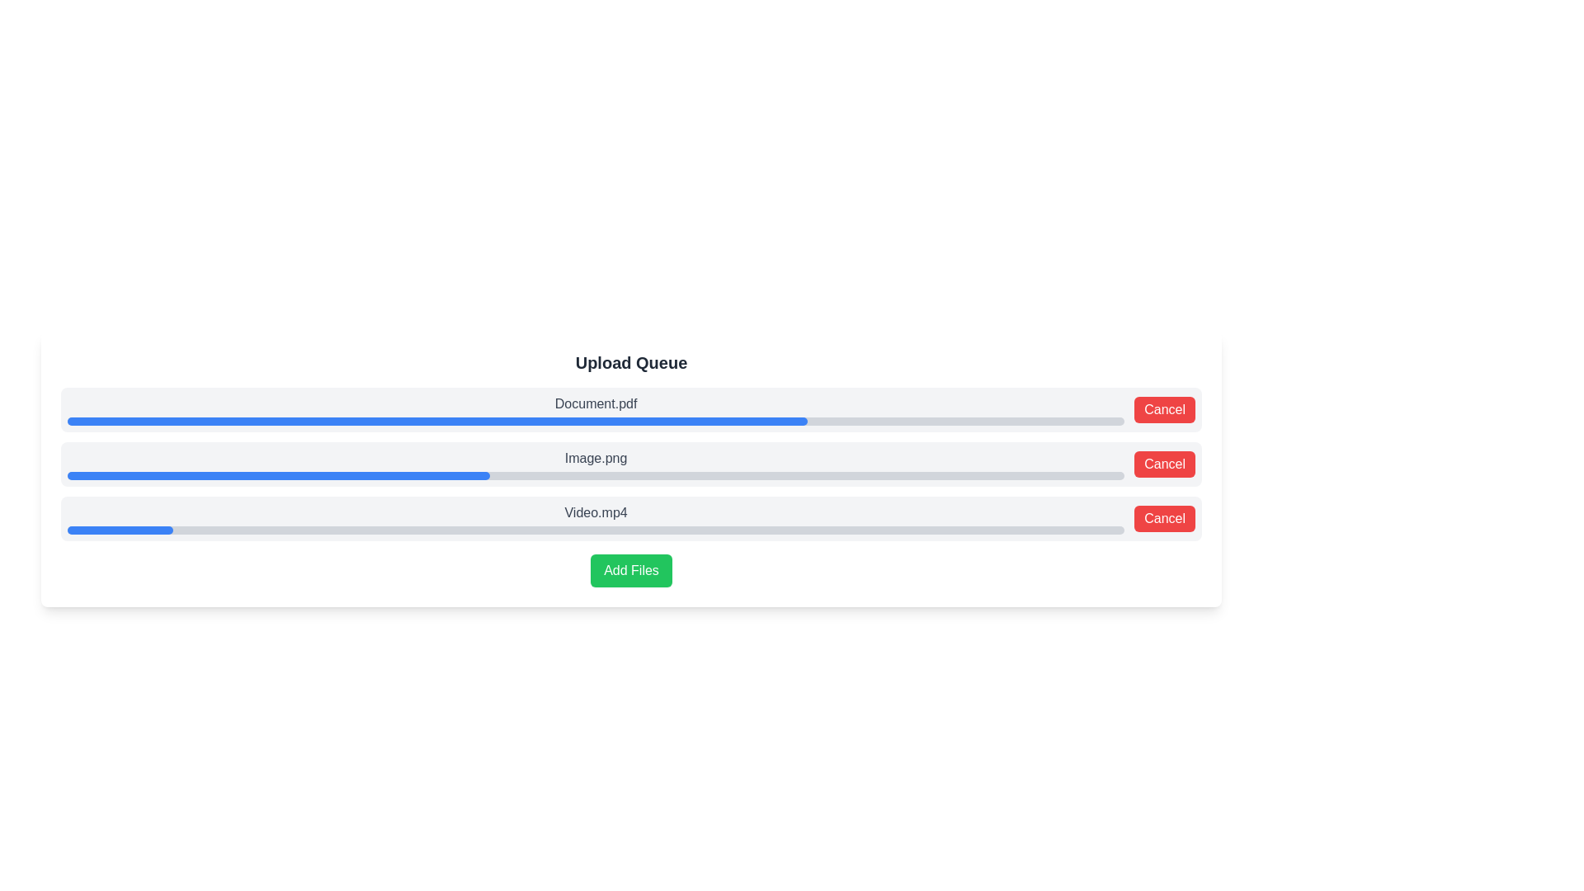  Describe the element at coordinates (595, 420) in the screenshot. I see `the progress bar indicating the upload status of 'Document.pdf', which is visually characterized by a light gray background and a blue foreground covering 70% of the width` at that location.